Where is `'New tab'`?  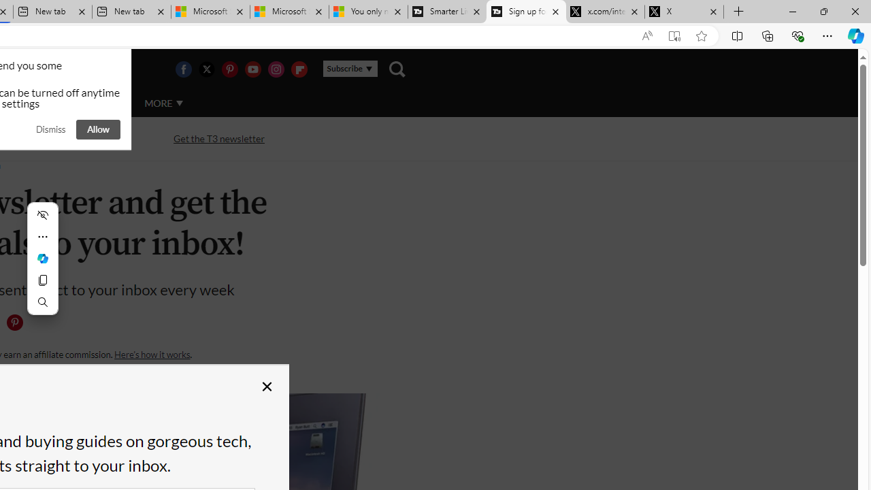
'New tab' is located at coordinates (131, 12).